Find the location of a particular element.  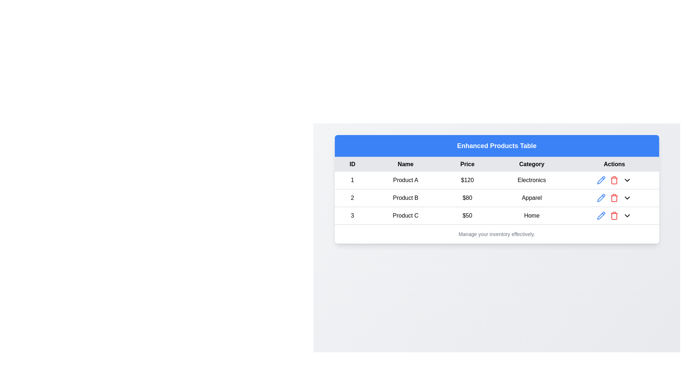

the text label that reads 'Manage your inventory effectively.', which is styled in a smaller gray font and positioned centrally below a table displaying product information is located at coordinates (496, 234).